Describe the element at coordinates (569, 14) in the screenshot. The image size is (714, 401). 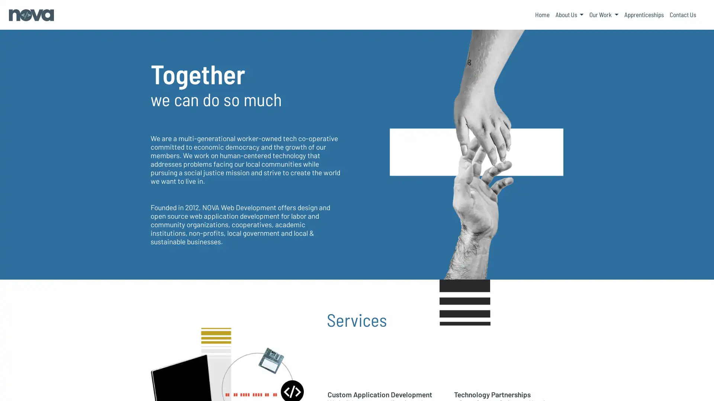
I see `About Us` at that location.